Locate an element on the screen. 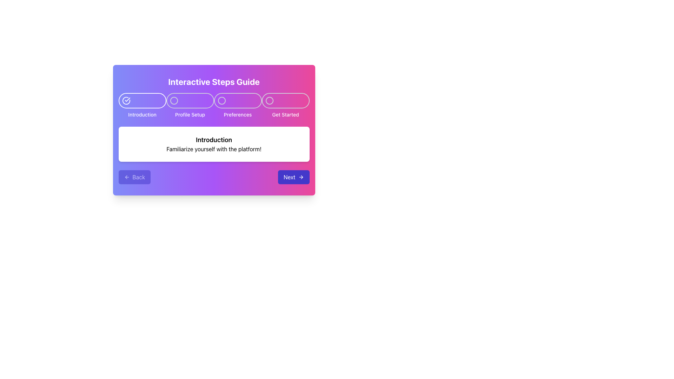 This screenshot has height=379, width=674. displayed text of the 'Get Started' label, which indicates the final step in the navigation of the interactive guide is located at coordinates (285, 114).